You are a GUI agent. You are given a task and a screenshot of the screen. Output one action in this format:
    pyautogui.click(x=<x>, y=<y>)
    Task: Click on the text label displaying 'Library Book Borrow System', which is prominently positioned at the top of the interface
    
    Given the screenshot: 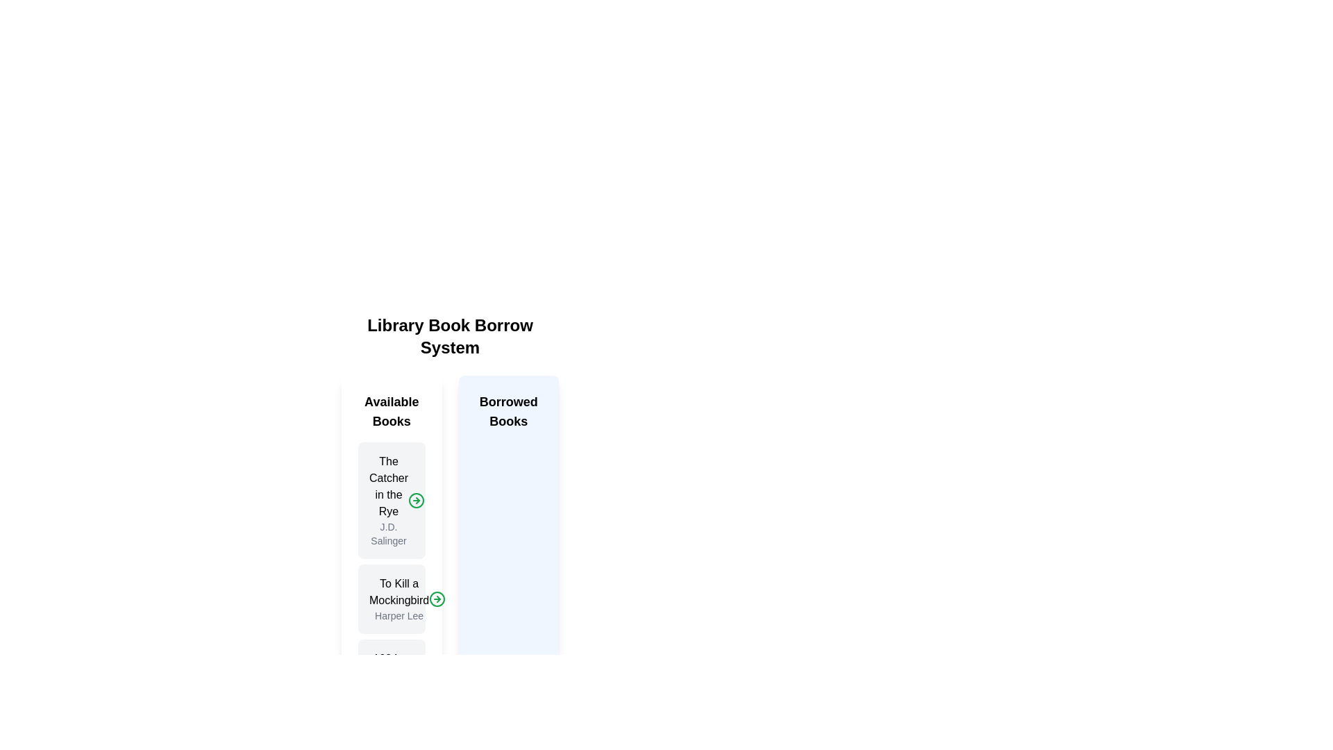 What is the action you would take?
    pyautogui.click(x=450, y=337)
    